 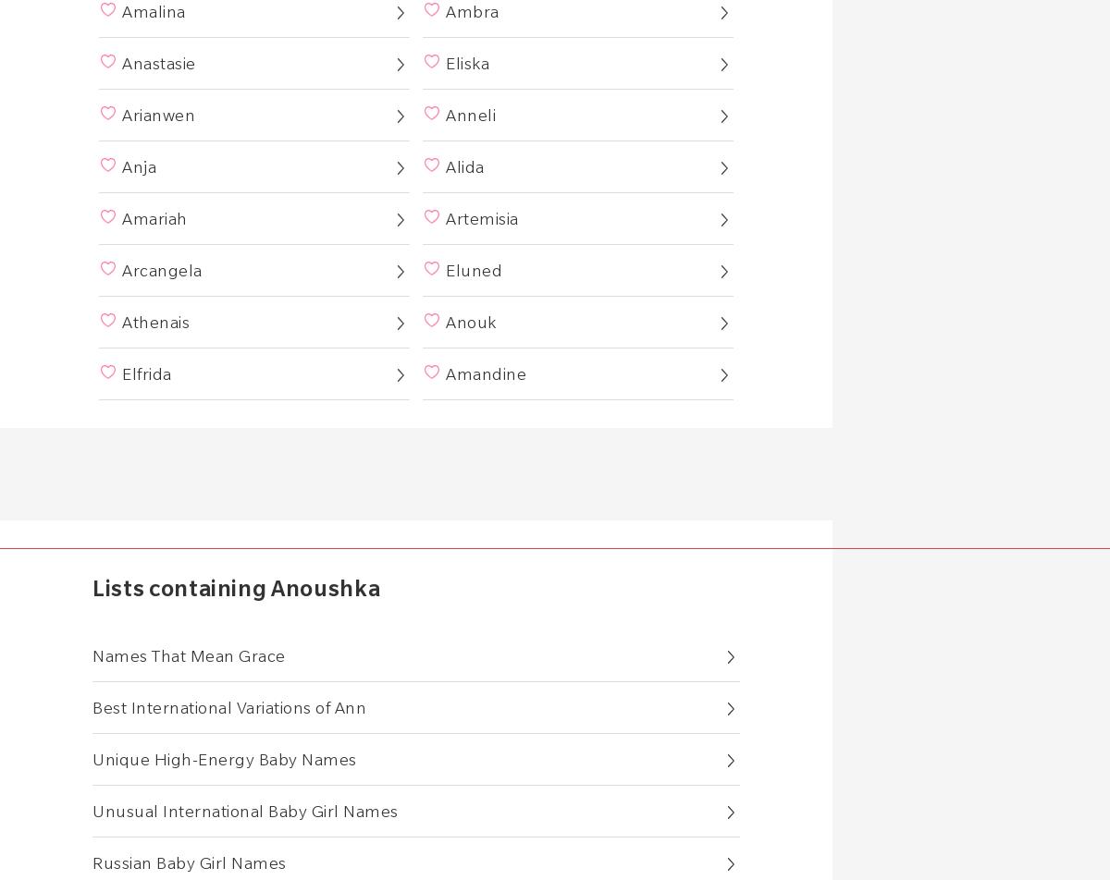 I want to click on 'Russian Baby Girl Names', so click(x=188, y=862).